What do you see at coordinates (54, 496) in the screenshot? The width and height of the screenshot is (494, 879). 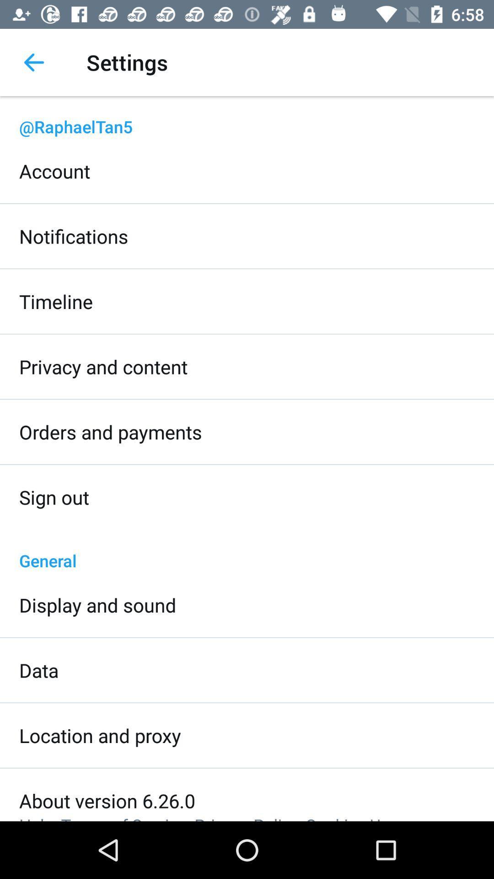 I see `icon above general` at bounding box center [54, 496].